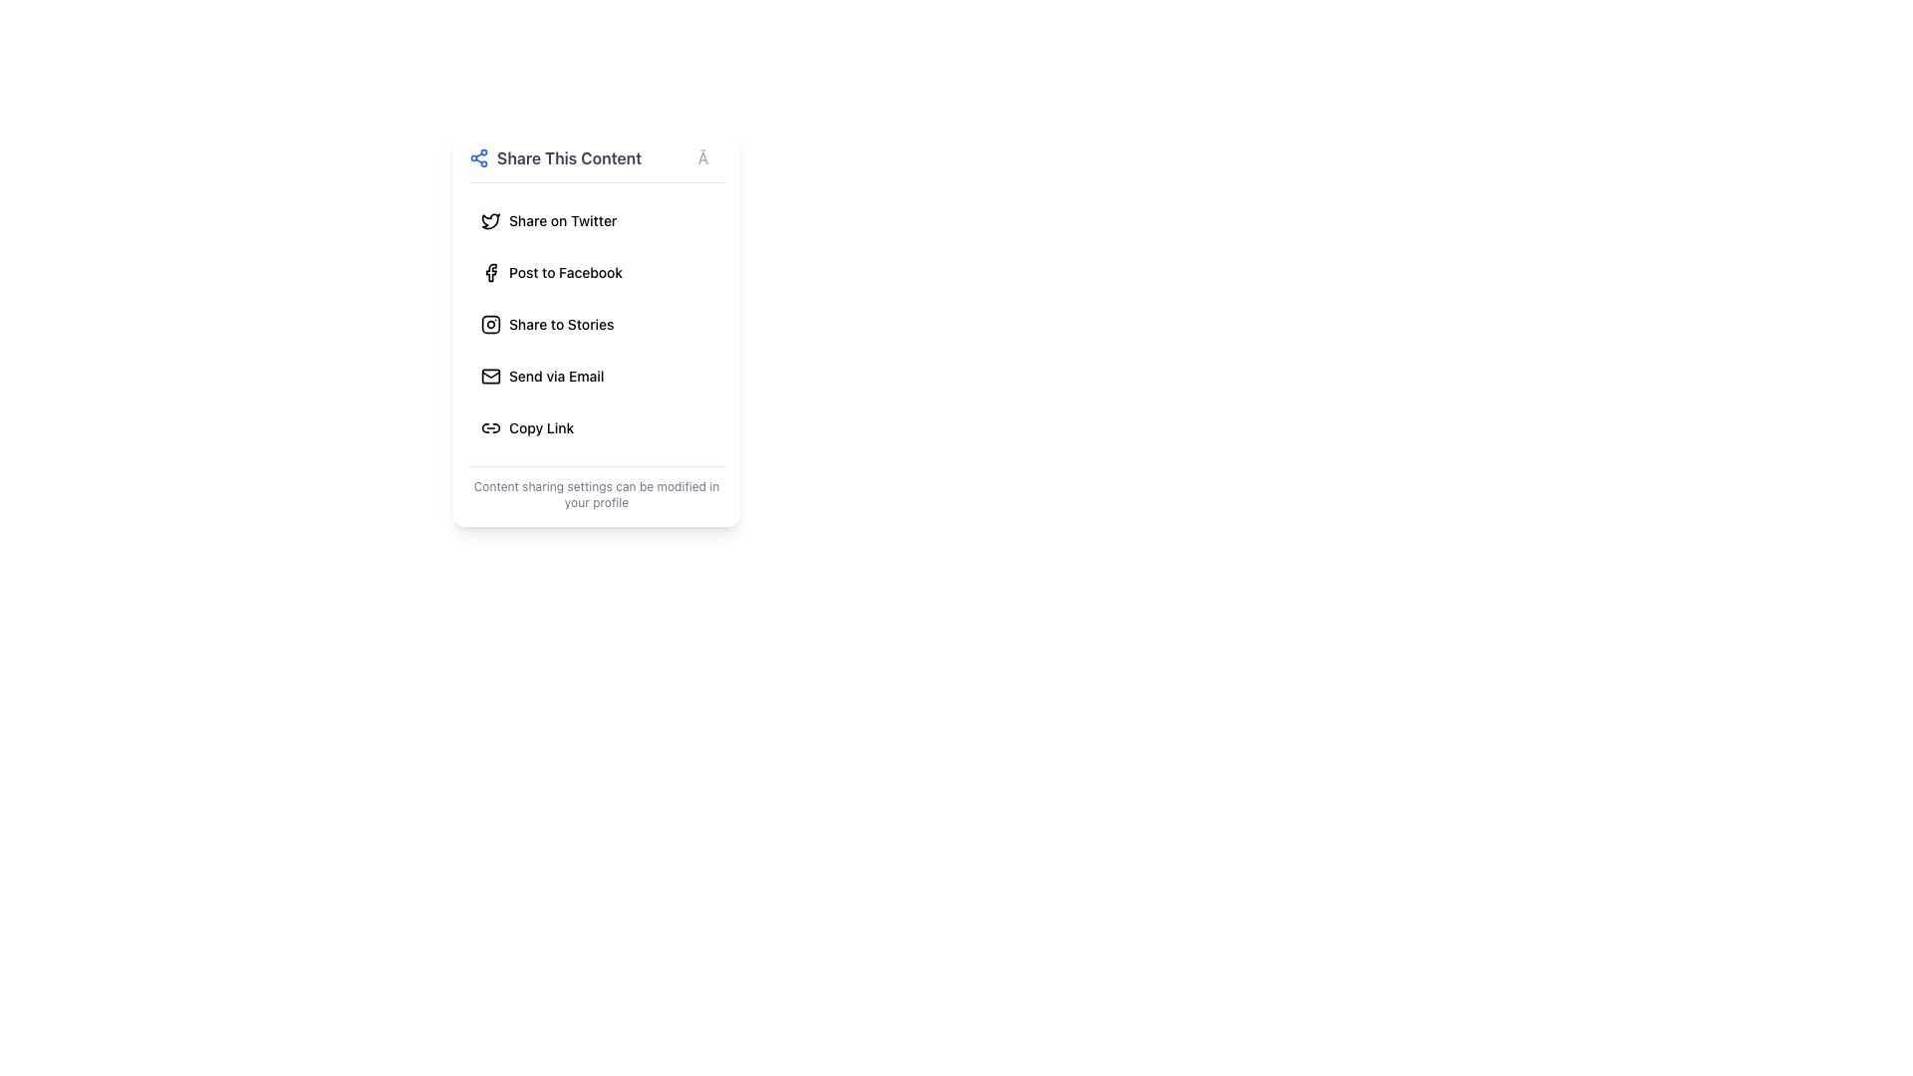  What do you see at coordinates (491, 377) in the screenshot?
I see `the envelope icon representing the 'Send via Email' option in the sharing menu` at bounding box center [491, 377].